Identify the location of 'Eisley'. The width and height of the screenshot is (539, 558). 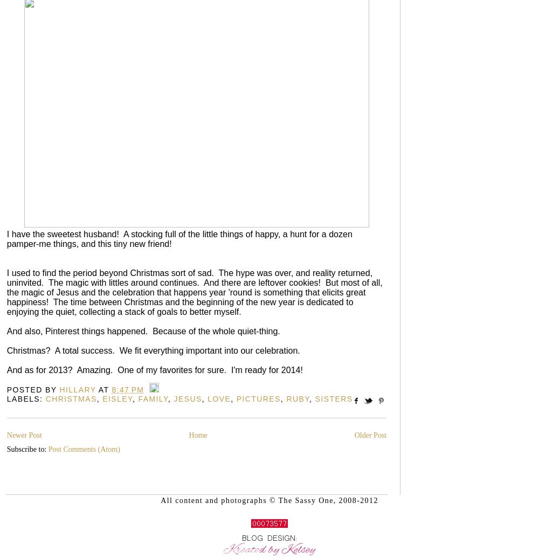
(102, 398).